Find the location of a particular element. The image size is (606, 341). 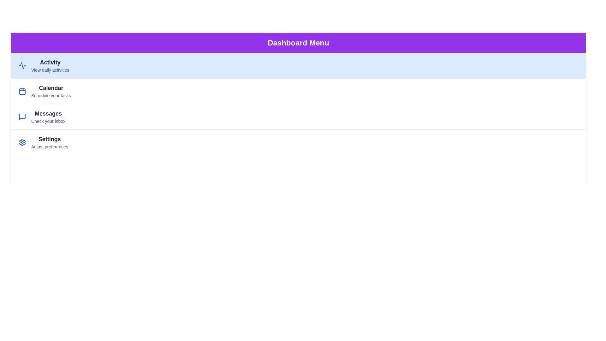

the menu item Activity to see its hover effect is located at coordinates (298, 66).